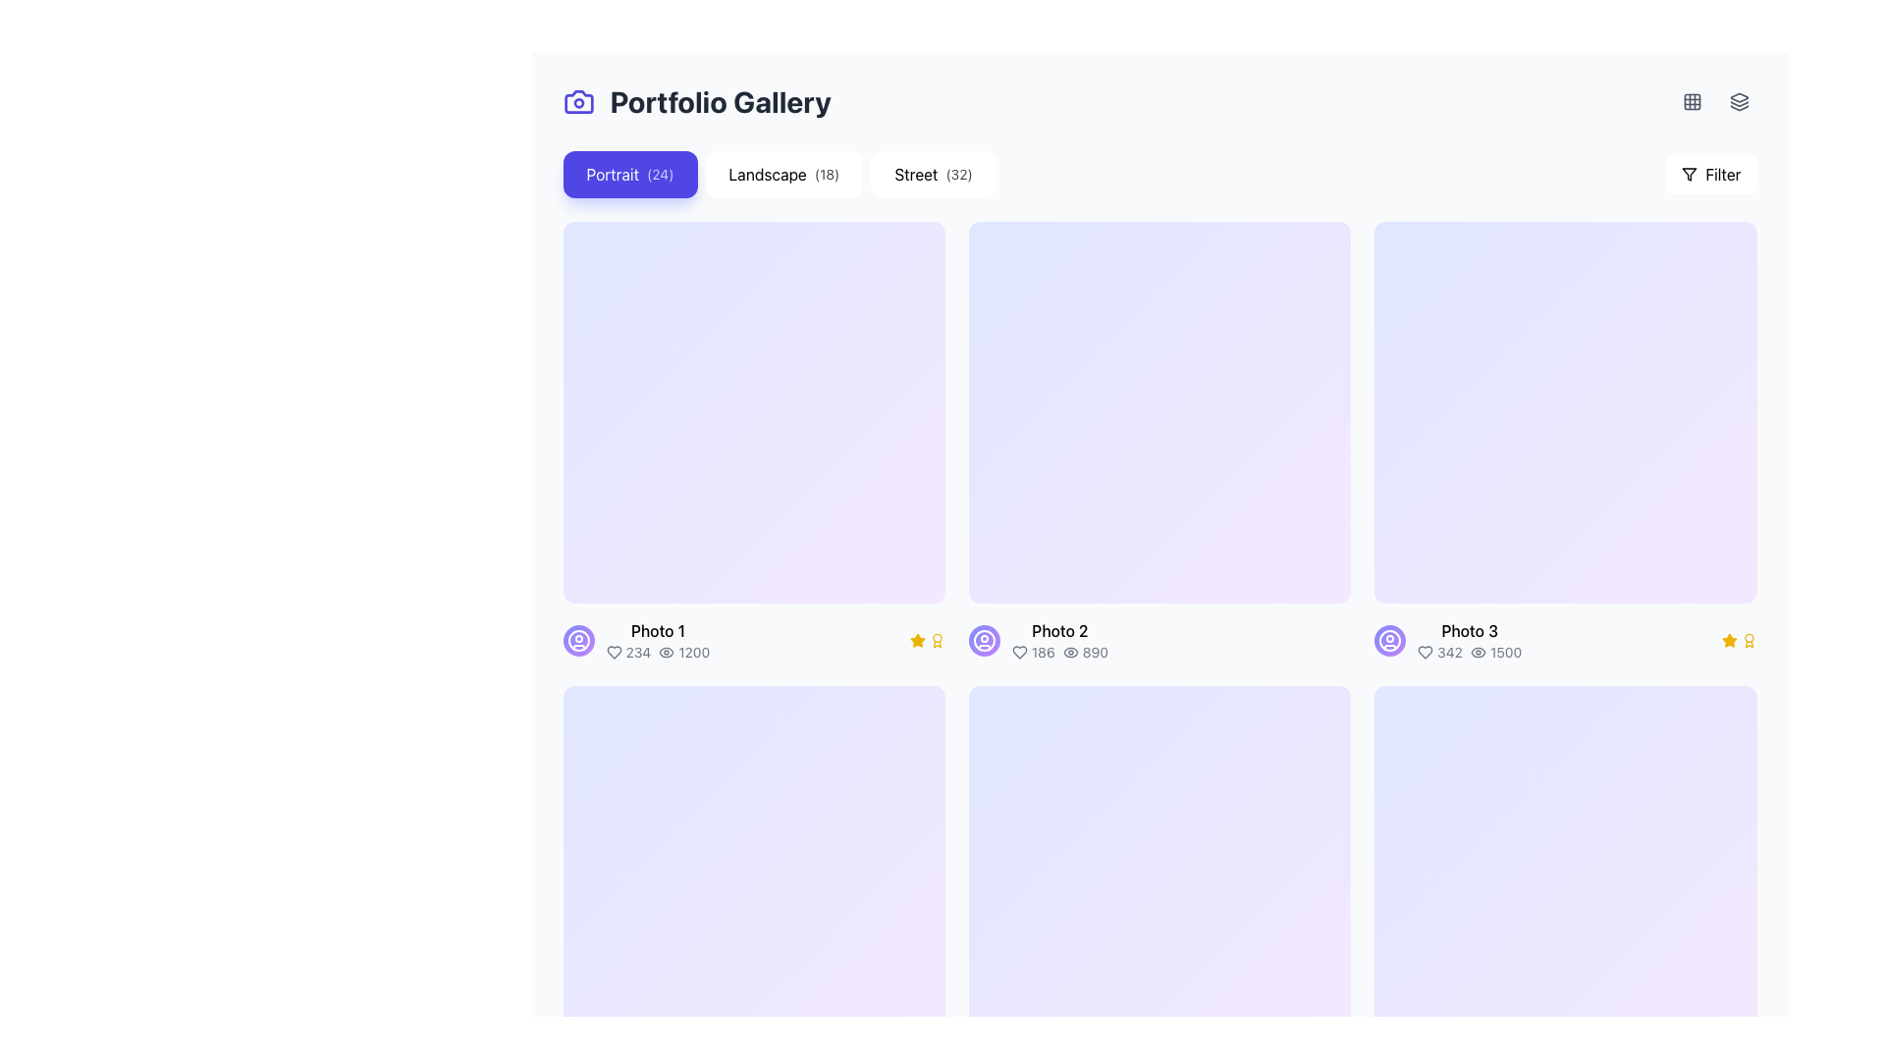 Image resolution: width=1885 pixels, height=1060 pixels. Describe the element at coordinates (1389, 641) in the screenshot. I see `the circular user profile icon rendered in white on a gradient background above the text label 'Photo 2'` at that location.